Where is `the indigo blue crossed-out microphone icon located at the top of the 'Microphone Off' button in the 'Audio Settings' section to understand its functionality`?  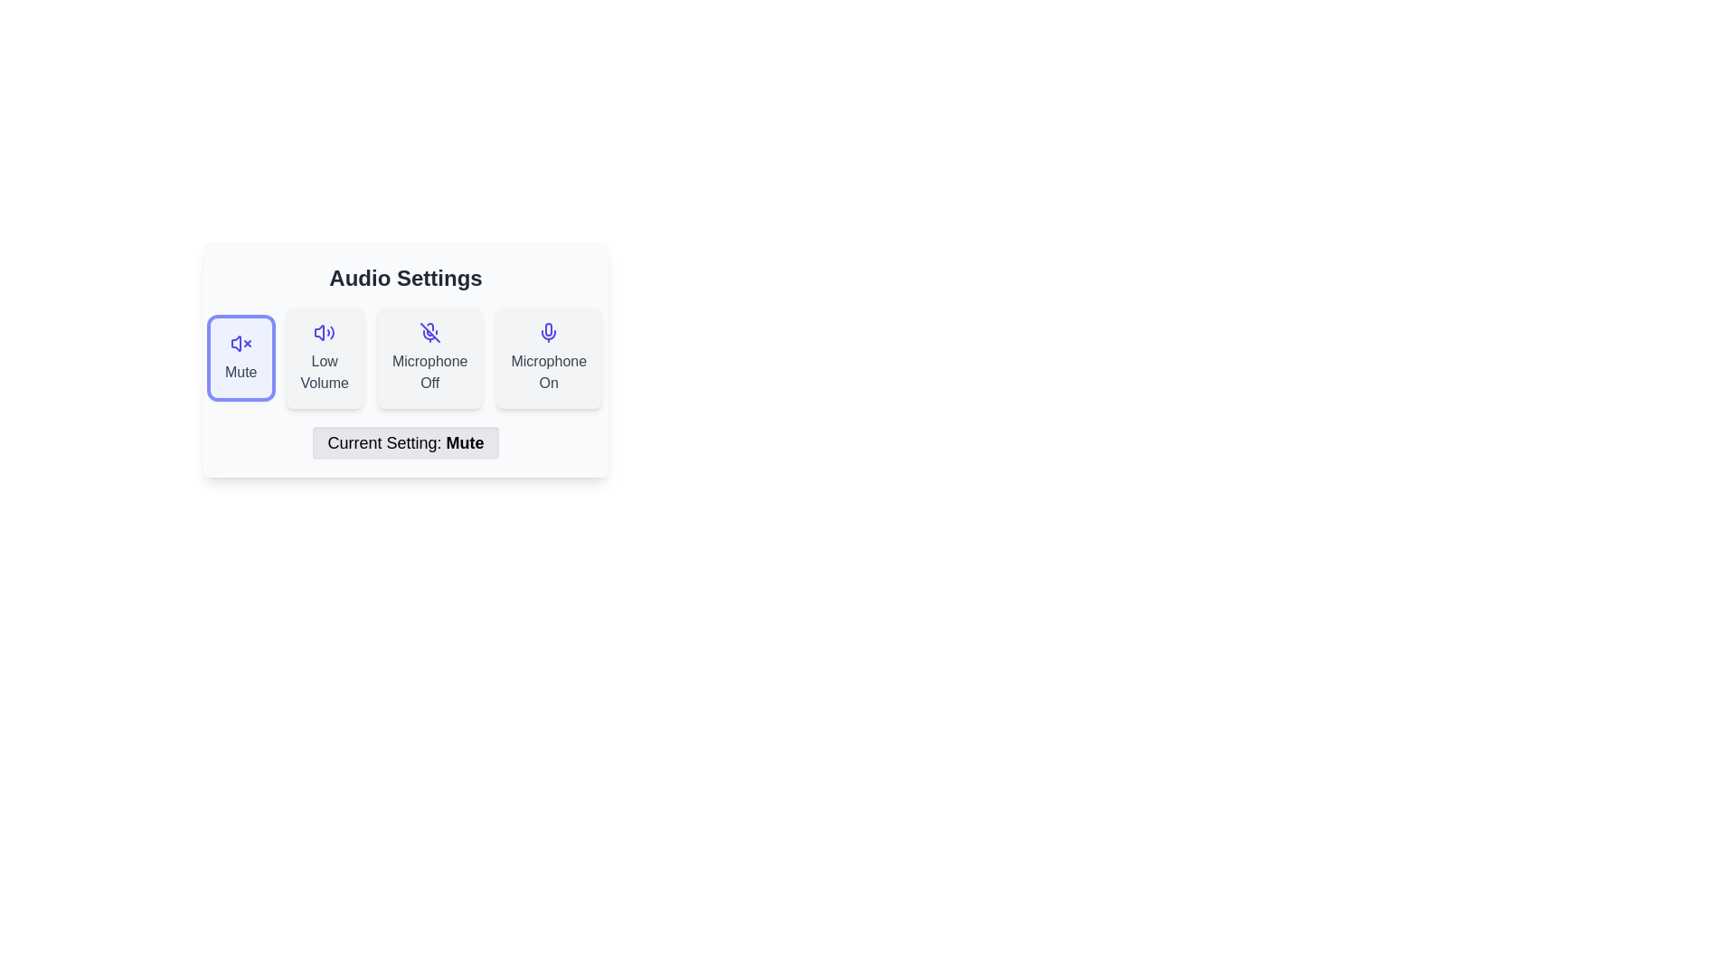 the indigo blue crossed-out microphone icon located at the top of the 'Microphone Off' button in the 'Audio Settings' section to understand its functionality is located at coordinates (429, 332).